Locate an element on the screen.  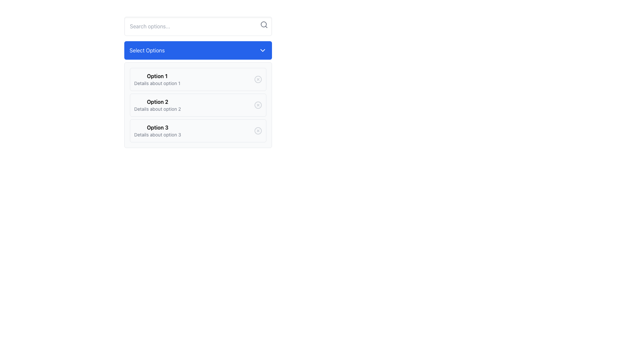
the inner circle of the magnifying glass symbol located inside the search icon in the top-right corner of the search bar is located at coordinates (264, 24).